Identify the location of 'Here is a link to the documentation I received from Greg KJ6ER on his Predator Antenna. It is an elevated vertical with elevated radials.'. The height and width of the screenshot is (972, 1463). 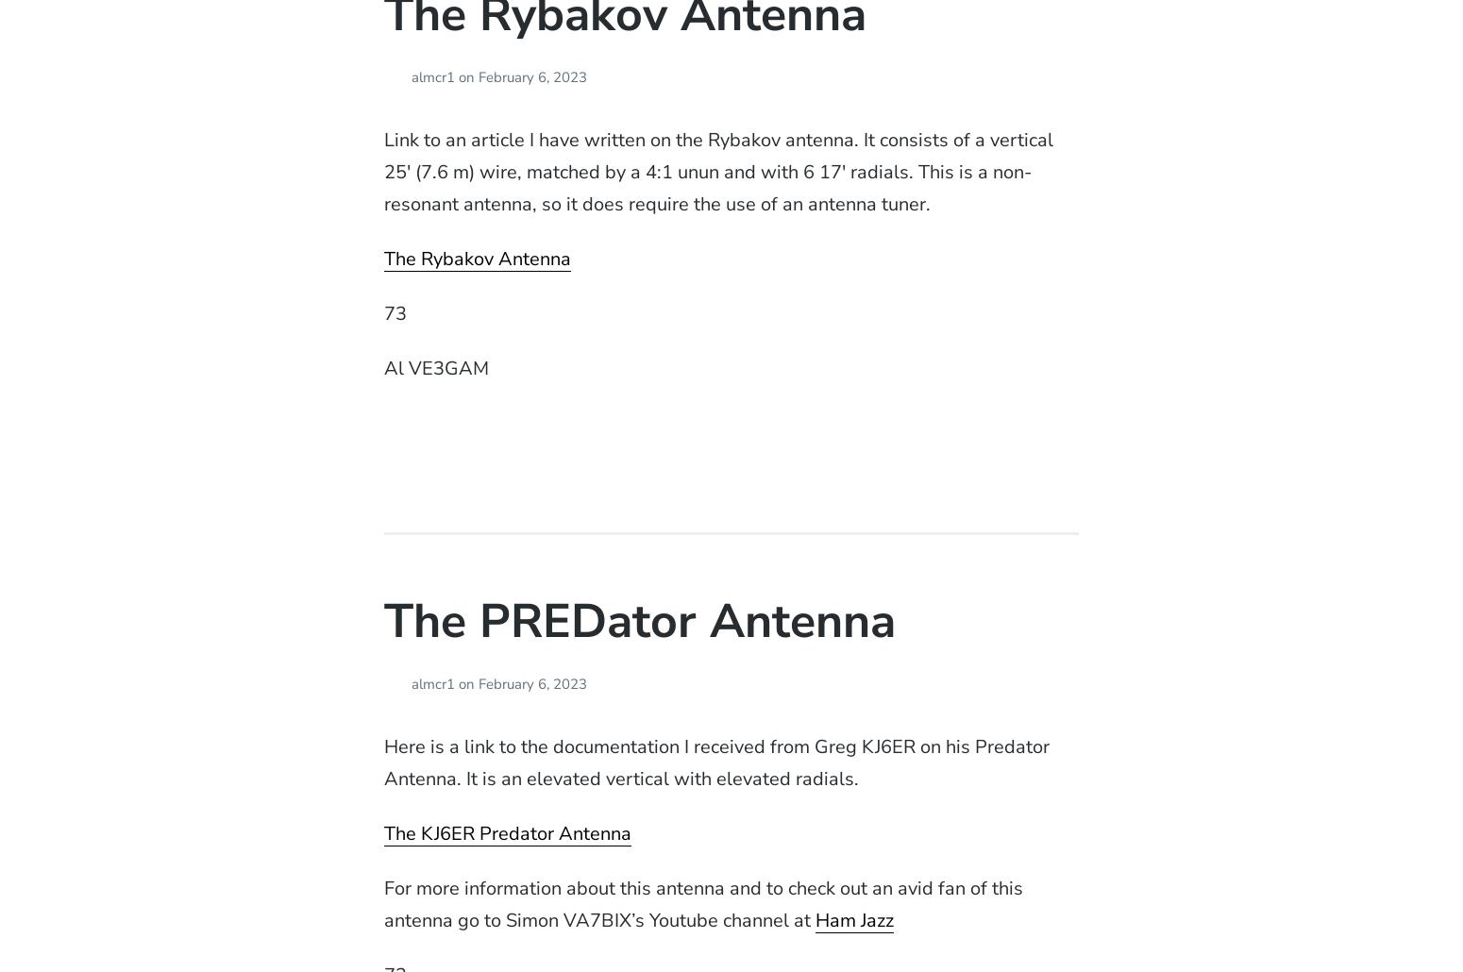
(715, 762).